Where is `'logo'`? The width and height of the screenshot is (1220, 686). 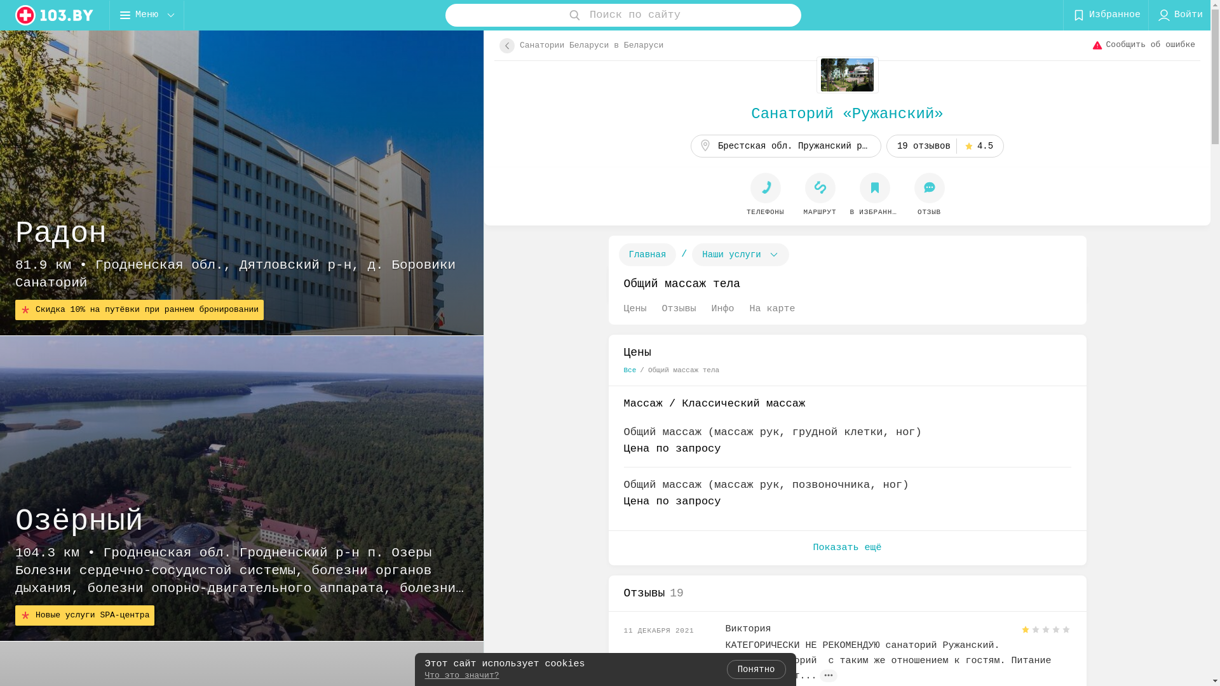
'logo' is located at coordinates (54, 15).